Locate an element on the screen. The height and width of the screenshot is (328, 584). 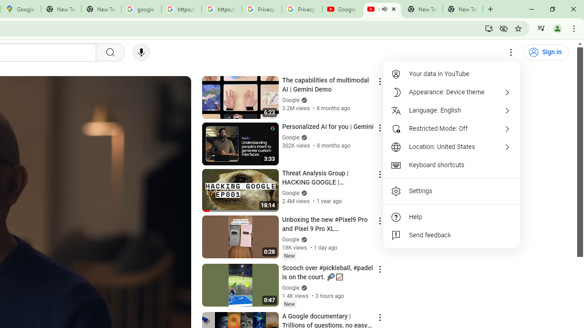
'Search with your voice' is located at coordinates (141, 52).